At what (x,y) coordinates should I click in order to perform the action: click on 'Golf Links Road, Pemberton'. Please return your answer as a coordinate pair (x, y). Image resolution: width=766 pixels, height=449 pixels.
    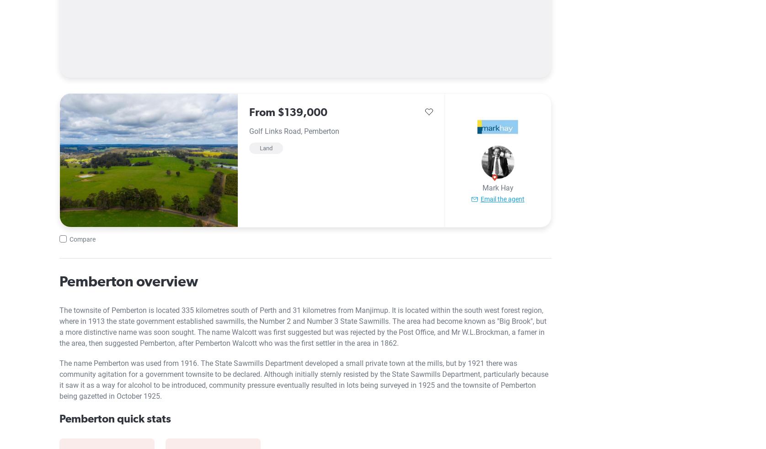
    Looking at the image, I should click on (294, 131).